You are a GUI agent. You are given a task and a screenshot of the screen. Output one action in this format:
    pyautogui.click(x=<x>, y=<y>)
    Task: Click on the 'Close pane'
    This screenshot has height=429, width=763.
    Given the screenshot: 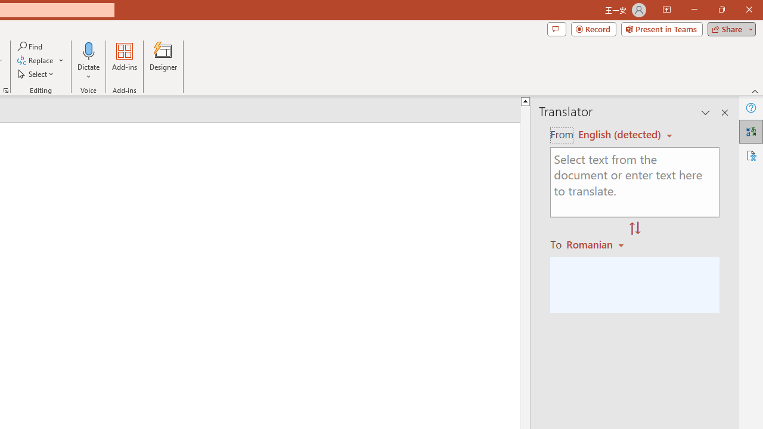 What is the action you would take?
    pyautogui.click(x=724, y=113)
    